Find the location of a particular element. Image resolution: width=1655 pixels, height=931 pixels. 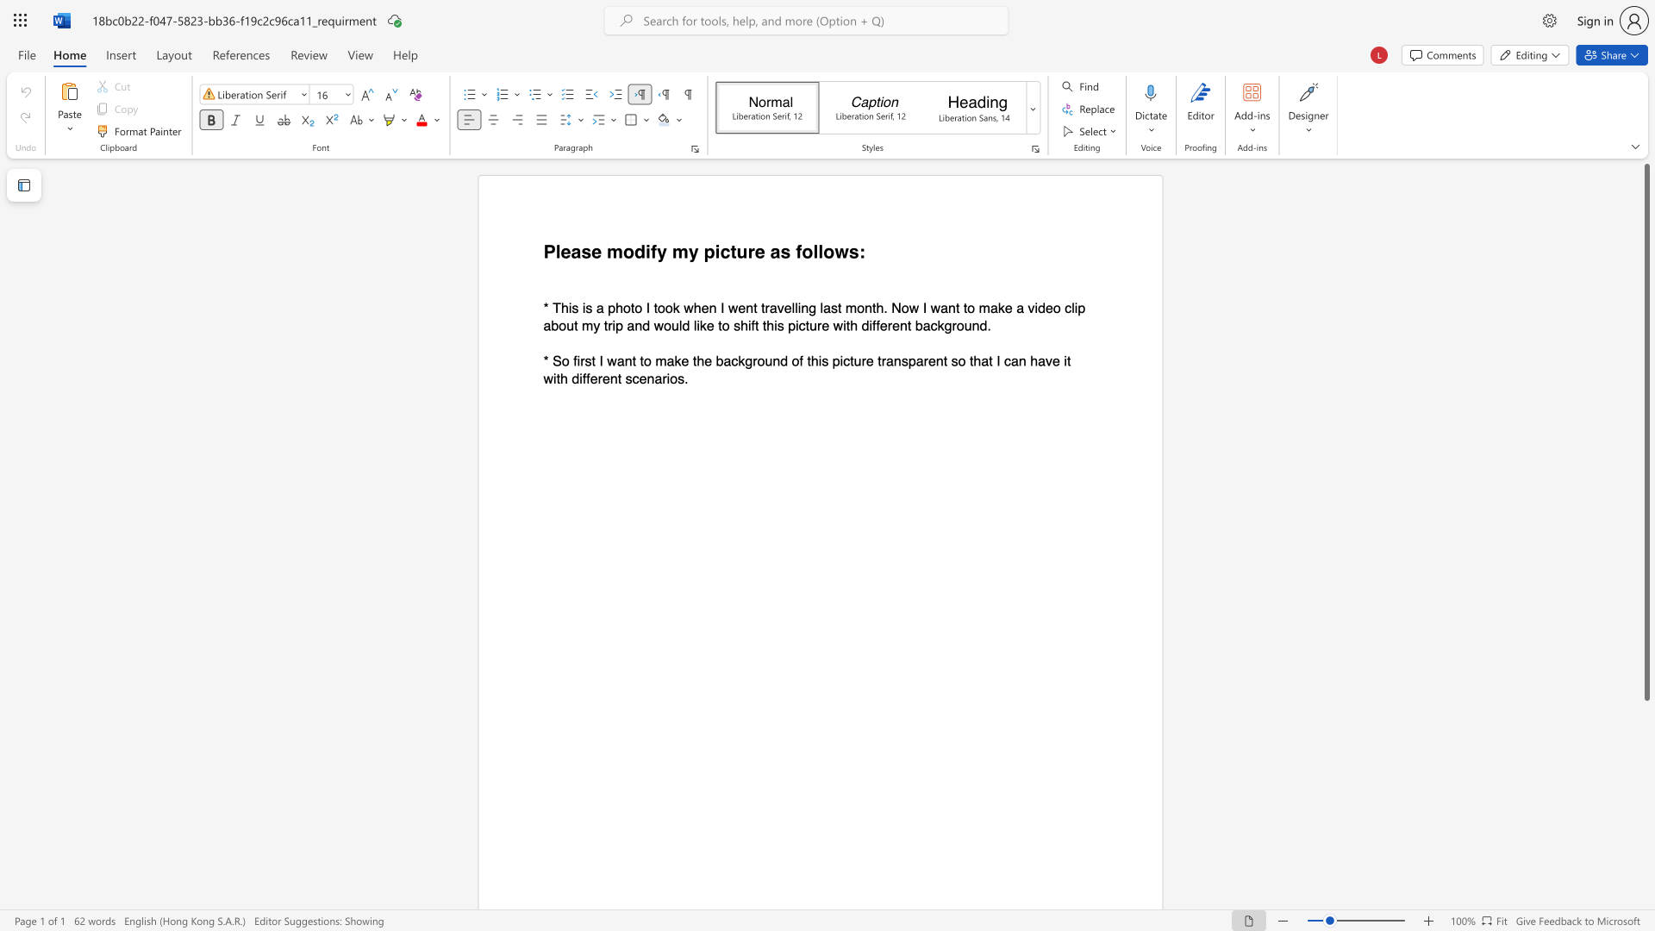

the subset text "s foll" within the text "my picture as follows:" is located at coordinates (779, 252).